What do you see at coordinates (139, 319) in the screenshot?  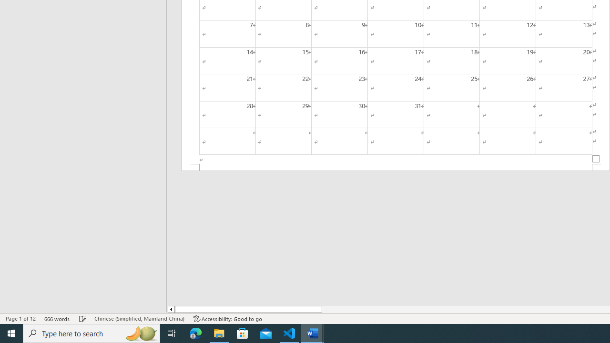 I see `'Language Chinese (Simplified, Mainland China)'` at bounding box center [139, 319].